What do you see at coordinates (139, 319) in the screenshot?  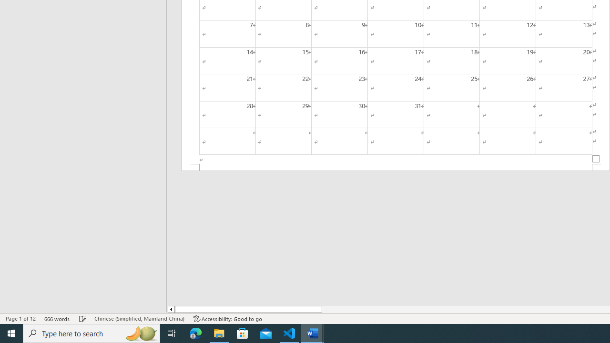 I see `'Language Chinese (Simplified, Mainland China)'` at bounding box center [139, 319].